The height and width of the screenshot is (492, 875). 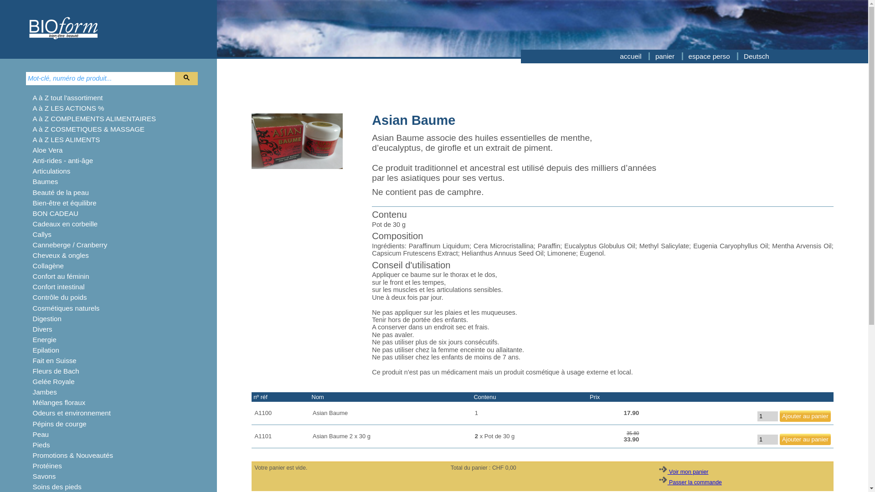 I want to click on 'Confort intestinal', so click(x=58, y=286).